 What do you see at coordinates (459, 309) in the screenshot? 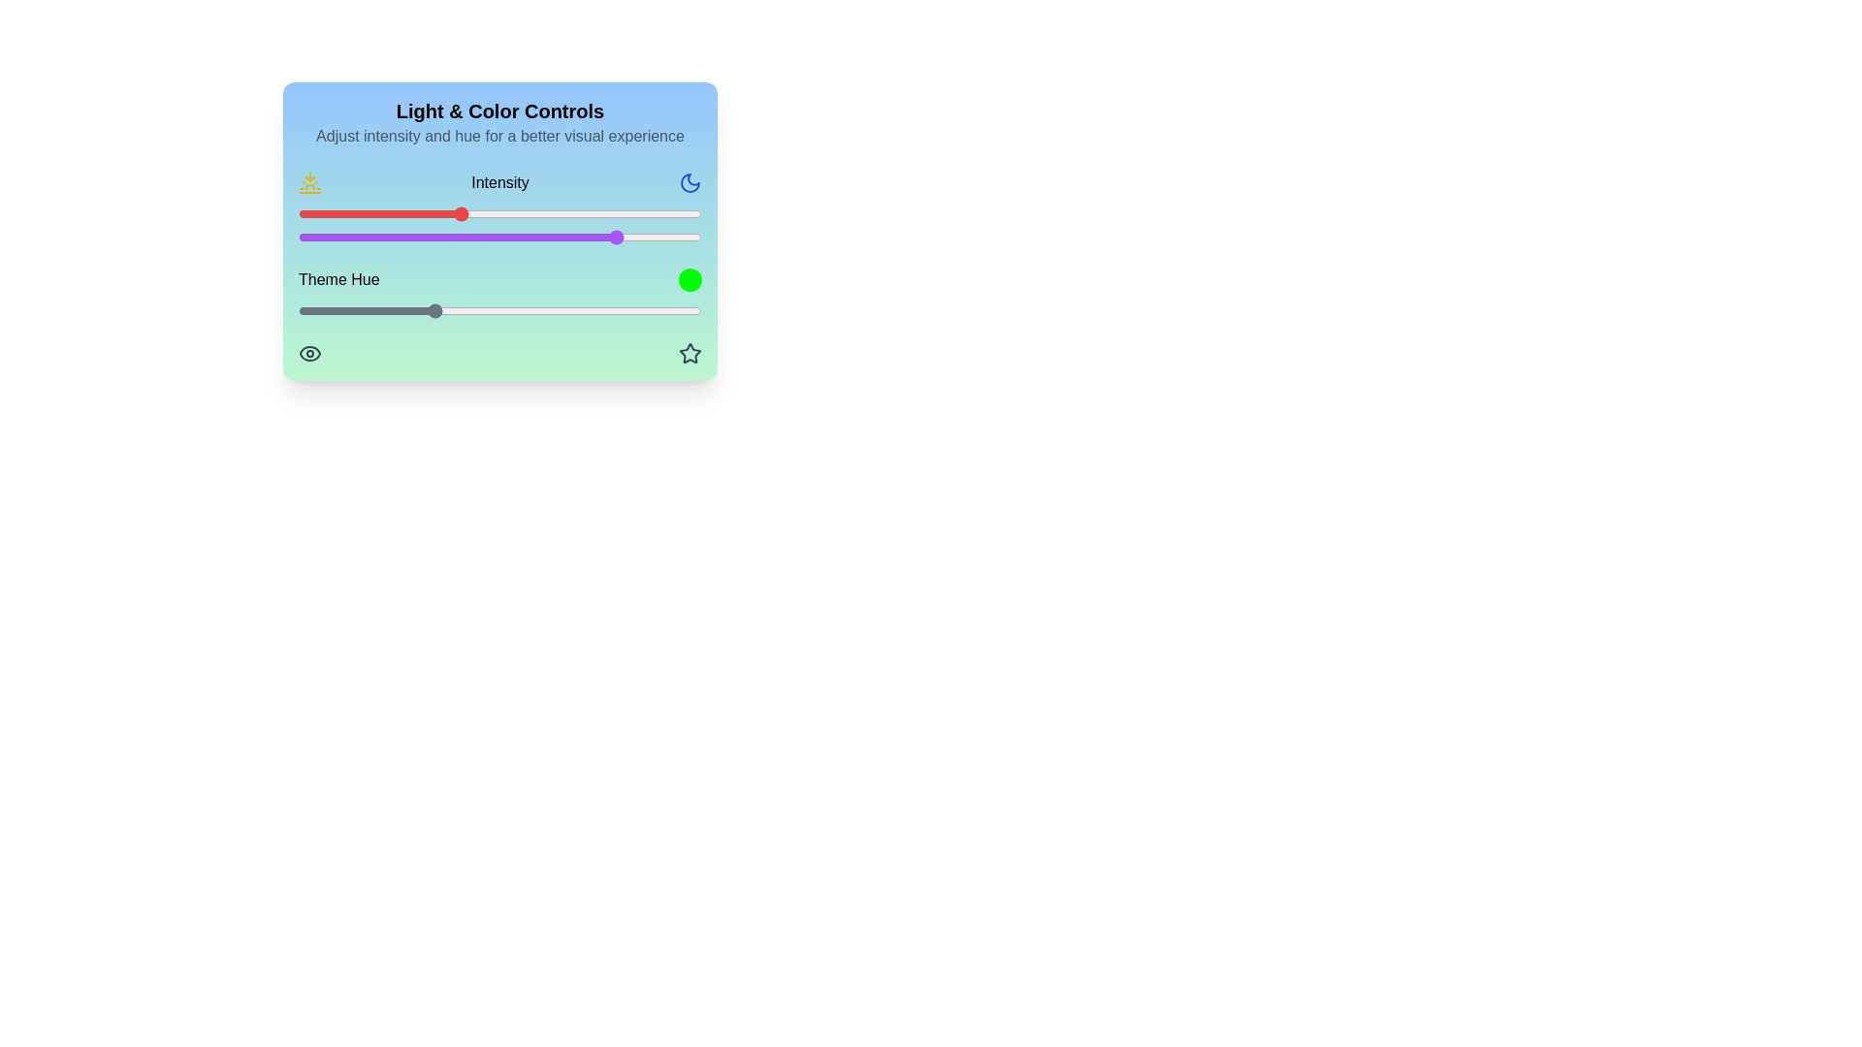
I see `the slider value` at bounding box center [459, 309].